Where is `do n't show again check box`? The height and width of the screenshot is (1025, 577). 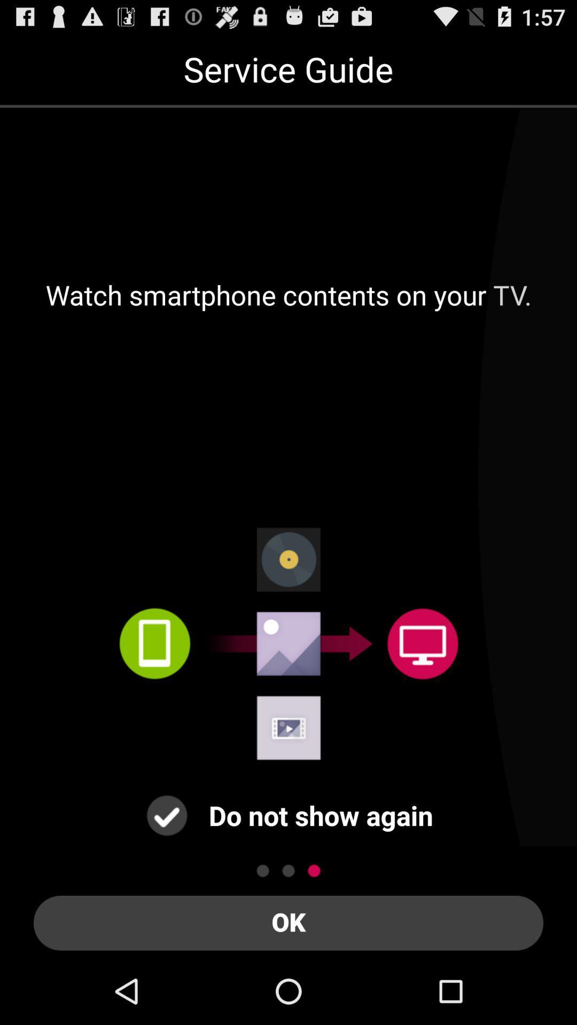 do n't show again check box is located at coordinates (167, 815).